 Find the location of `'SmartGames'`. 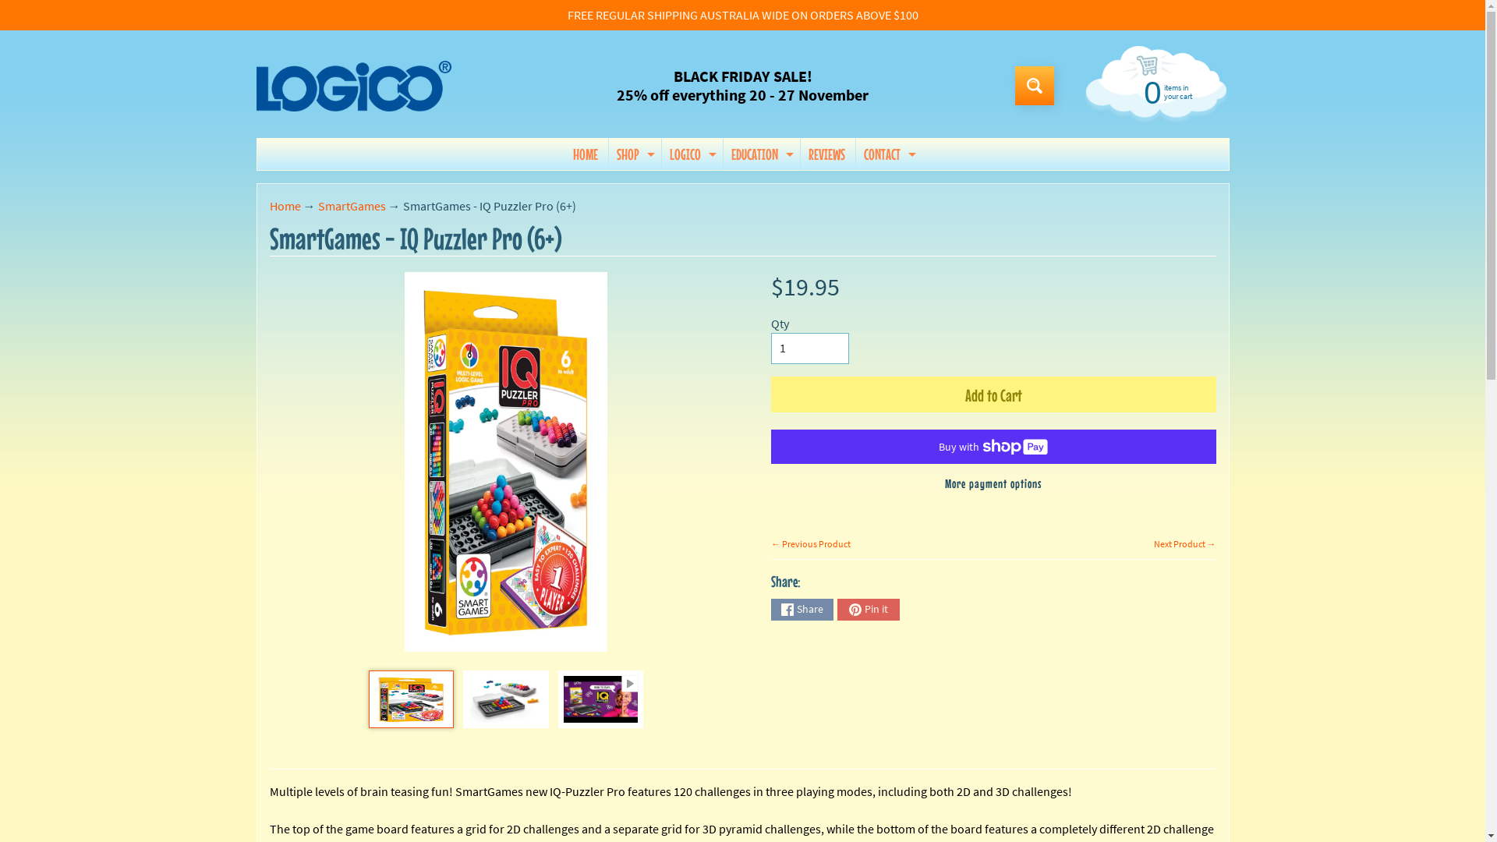

'SmartGames' is located at coordinates (351, 204).